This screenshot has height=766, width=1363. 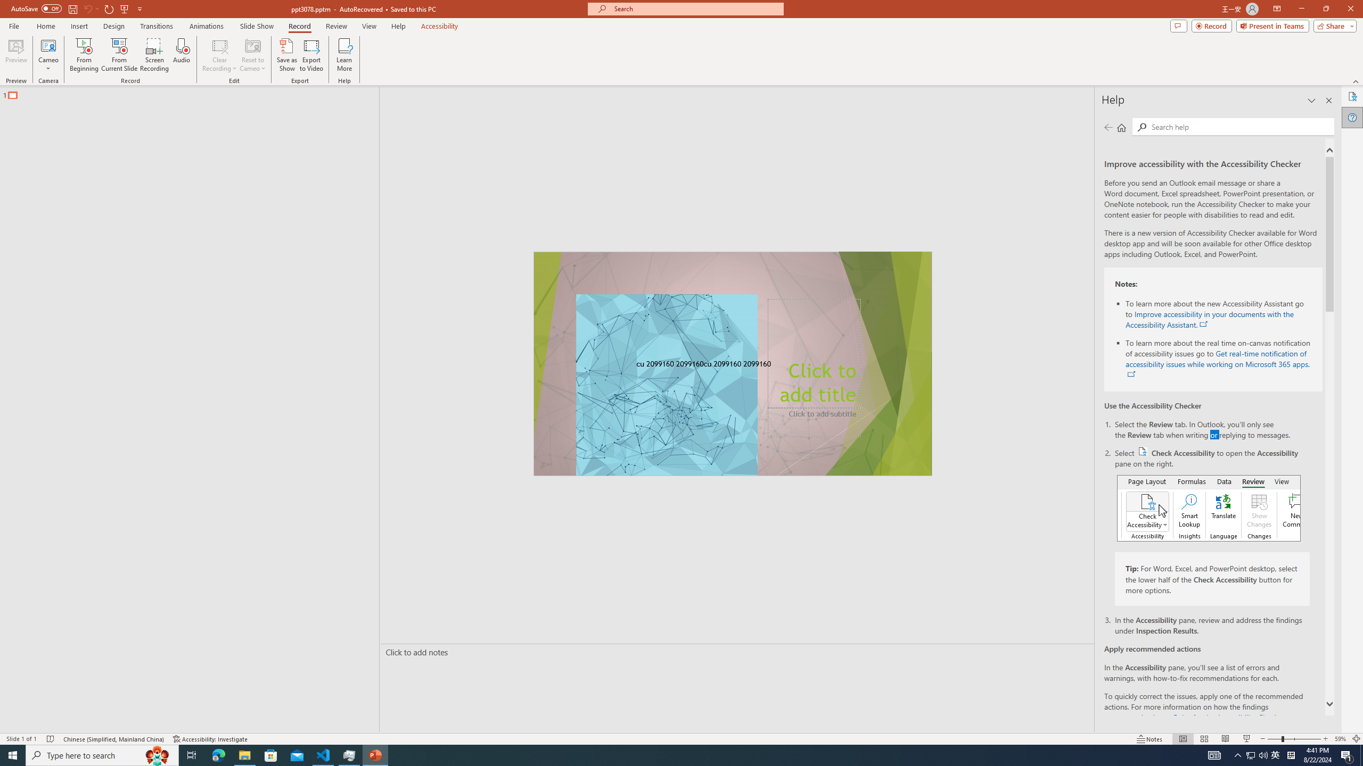 What do you see at coordinates (83, 55) in the screenshot?
I see `'From Beginning...'` at bounding box center [83, 55].